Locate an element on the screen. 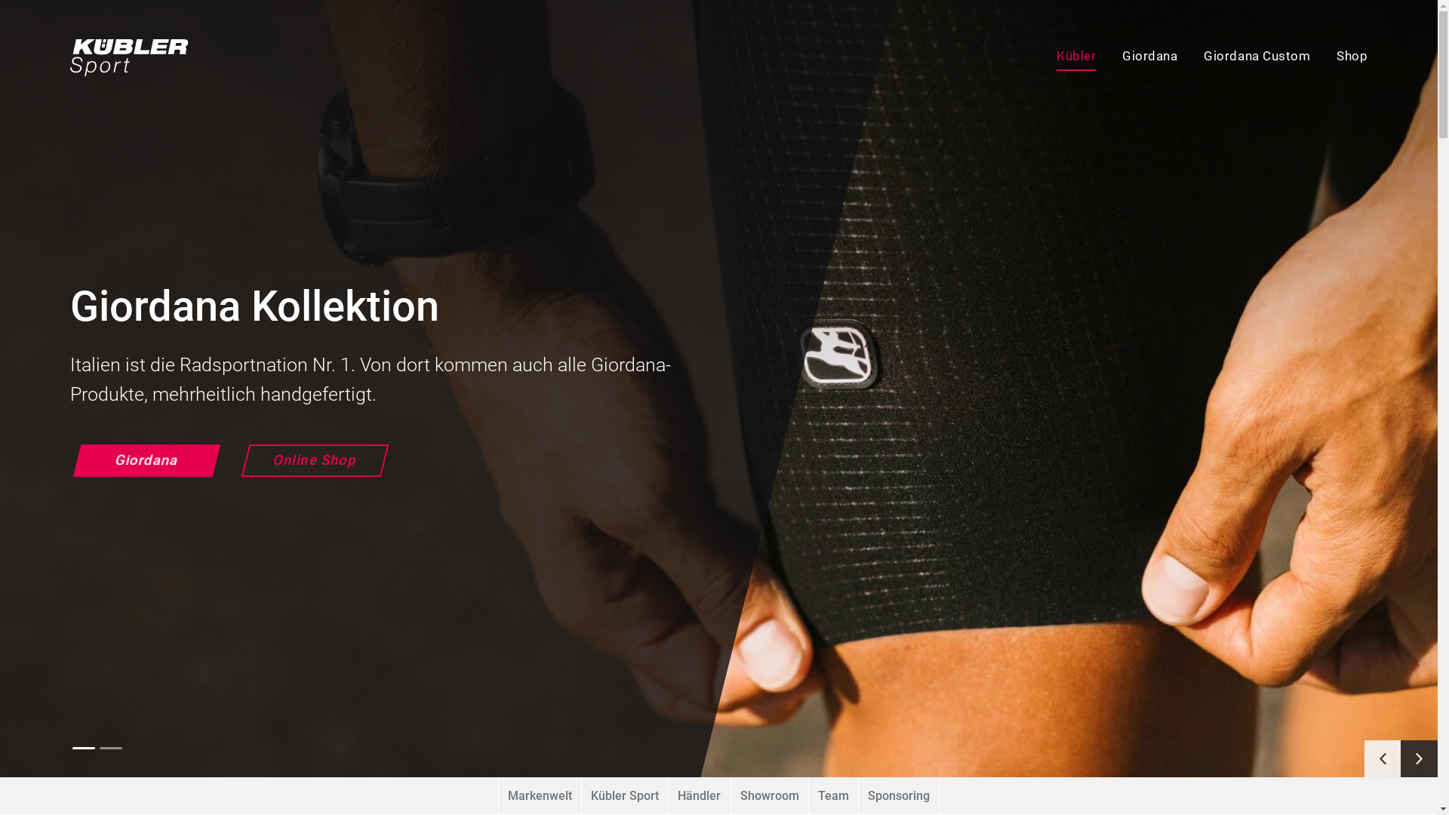 The height and width of the screenshot is (815, 1449). 'Shop' is located at coordinates (1340, 57).